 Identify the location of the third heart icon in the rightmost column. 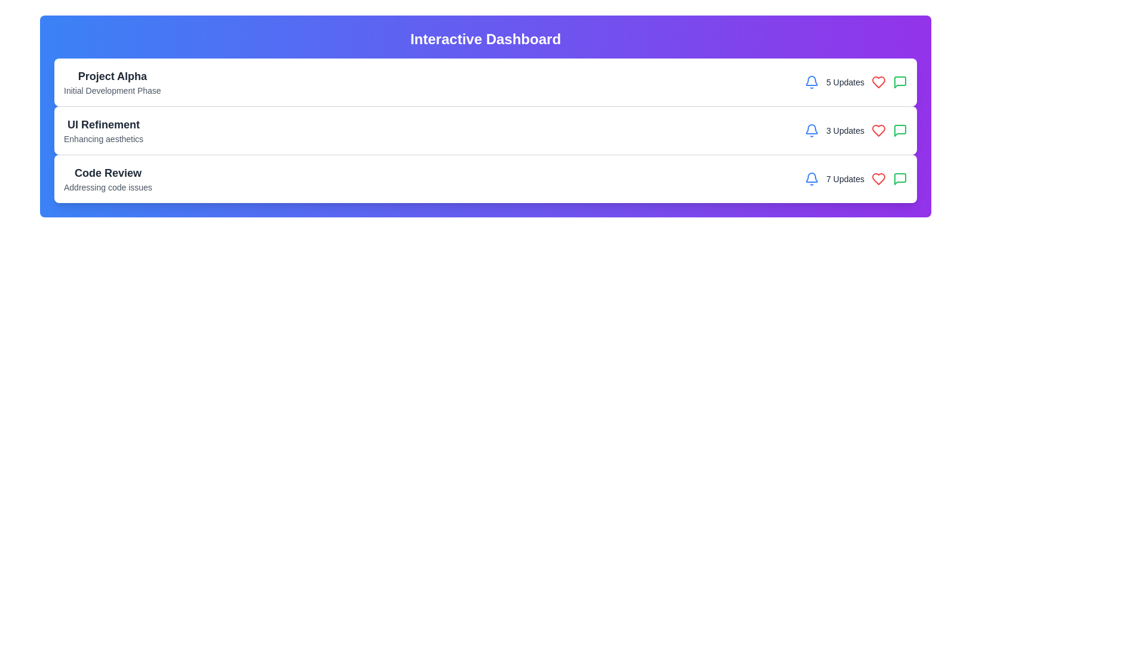
(878, 179).